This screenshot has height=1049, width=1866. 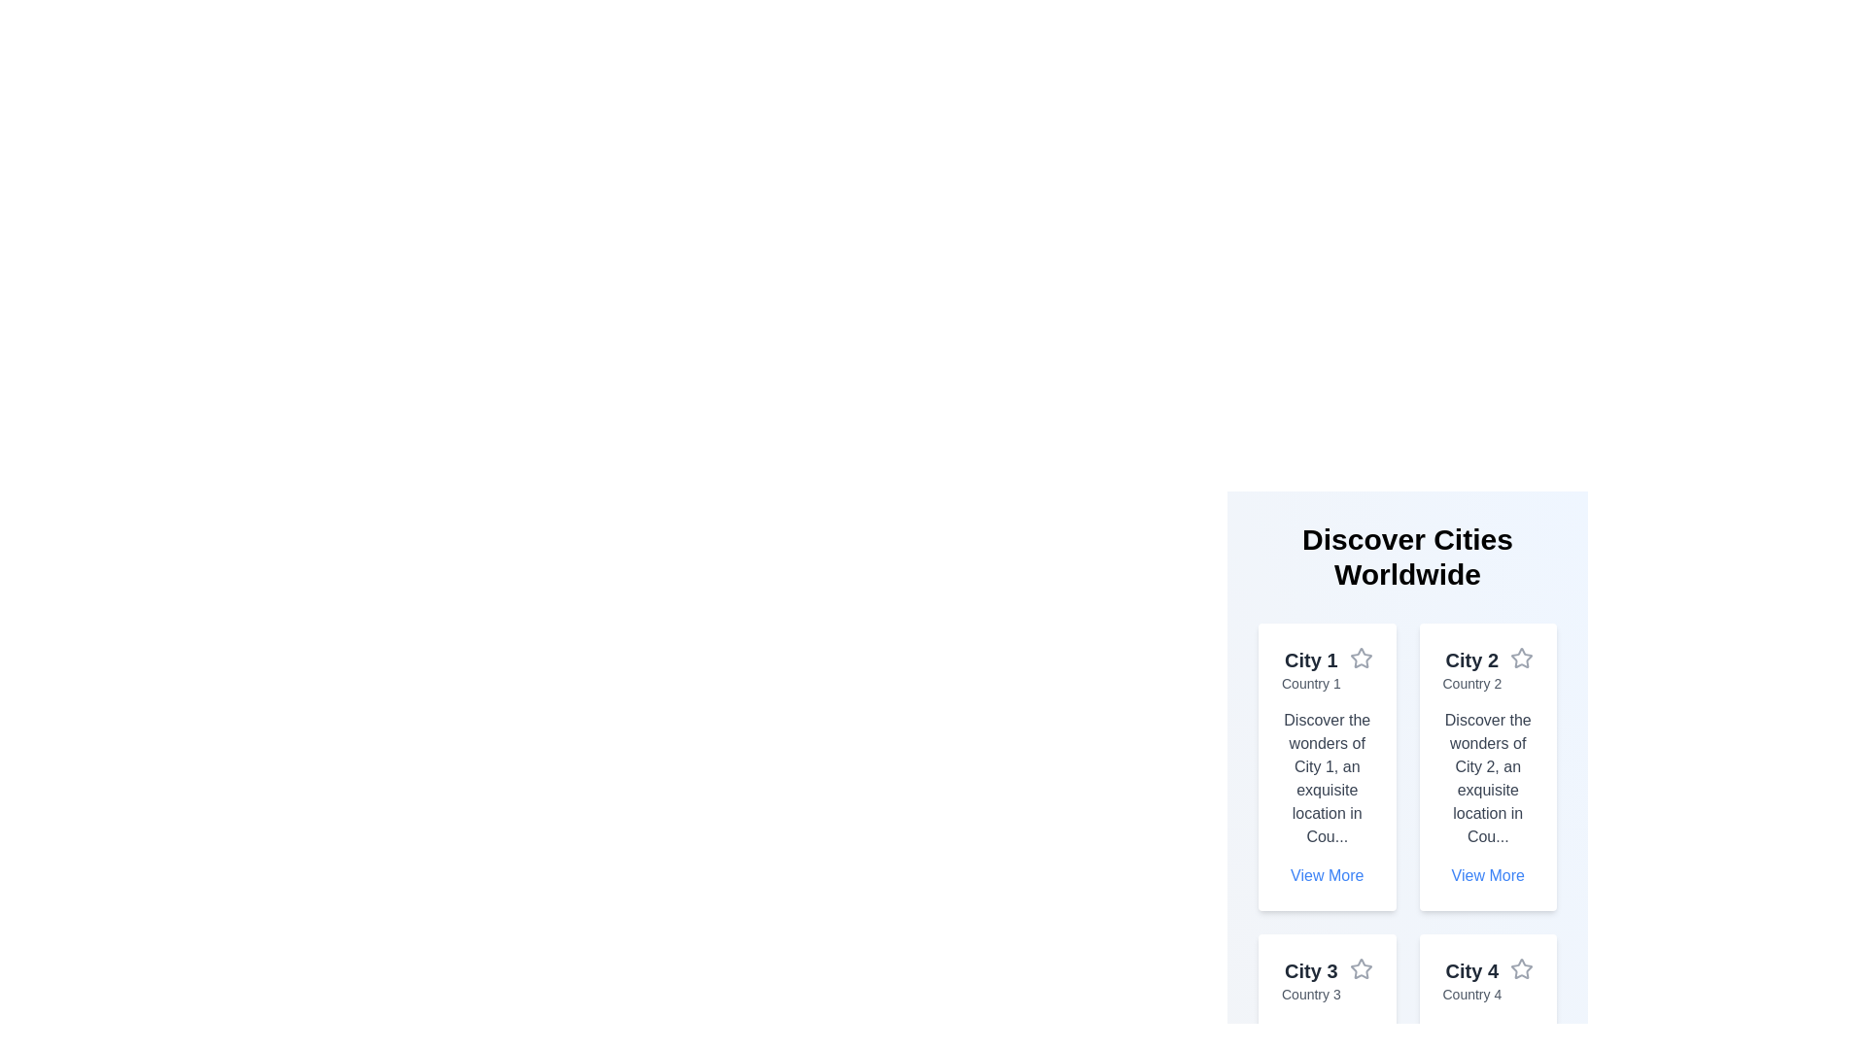 What do you see at coordinates (1471, 659) in the screenshot?
I see `the text 'City 2' which is styled with a bold font and located within the second card of the grid layout, directly above 'Country 2'` at bounding box center [1471, 659].